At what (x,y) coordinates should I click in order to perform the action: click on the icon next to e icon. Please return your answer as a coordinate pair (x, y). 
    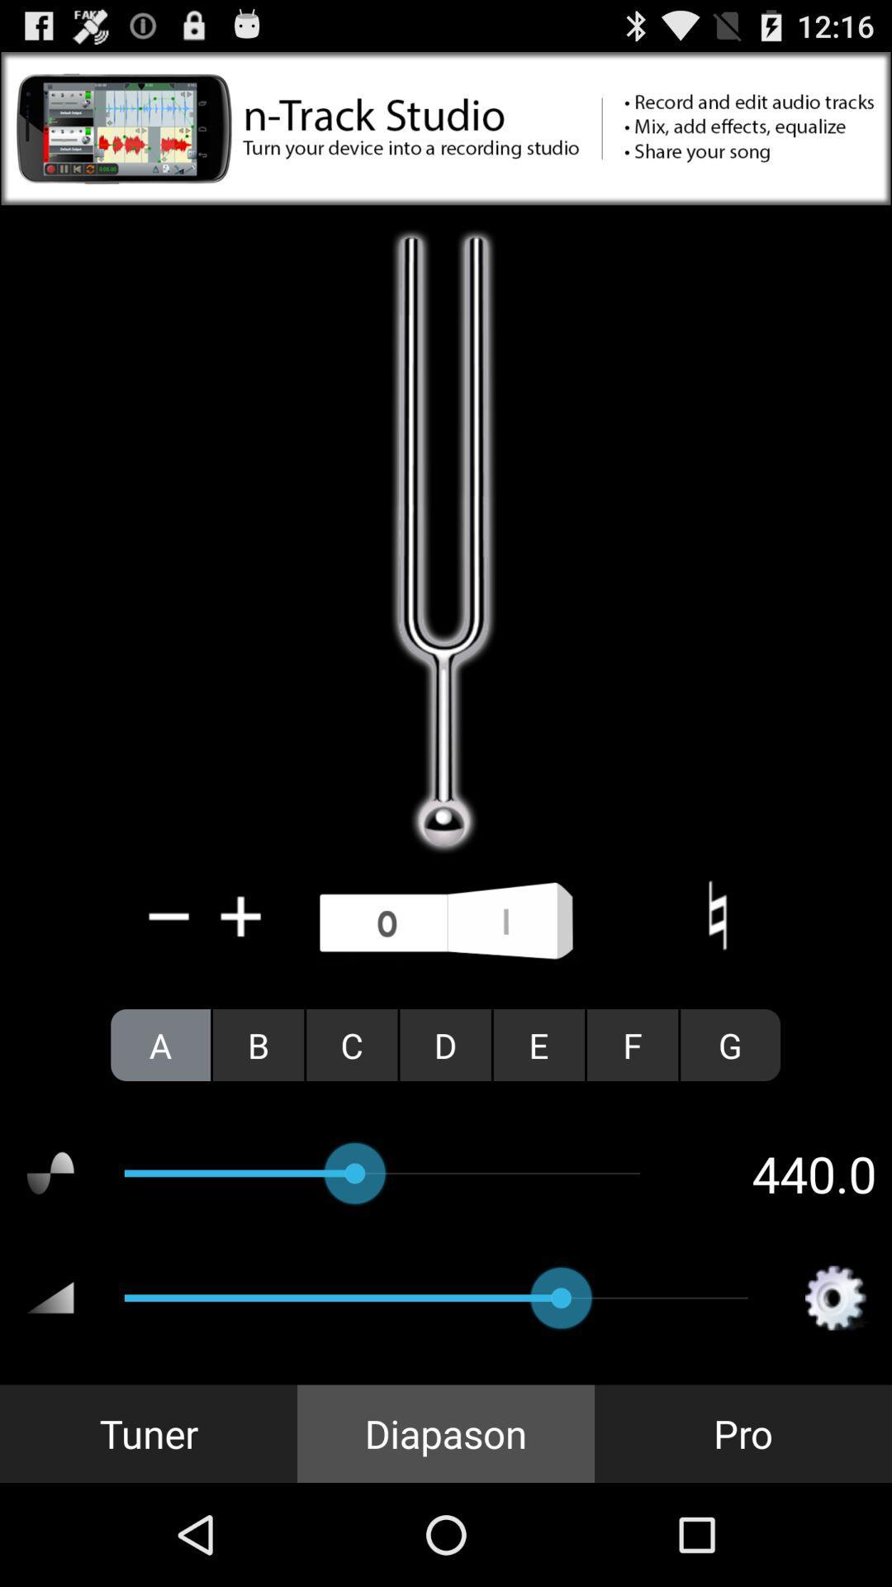
    Looking at the image, I should click on (632, 1044).